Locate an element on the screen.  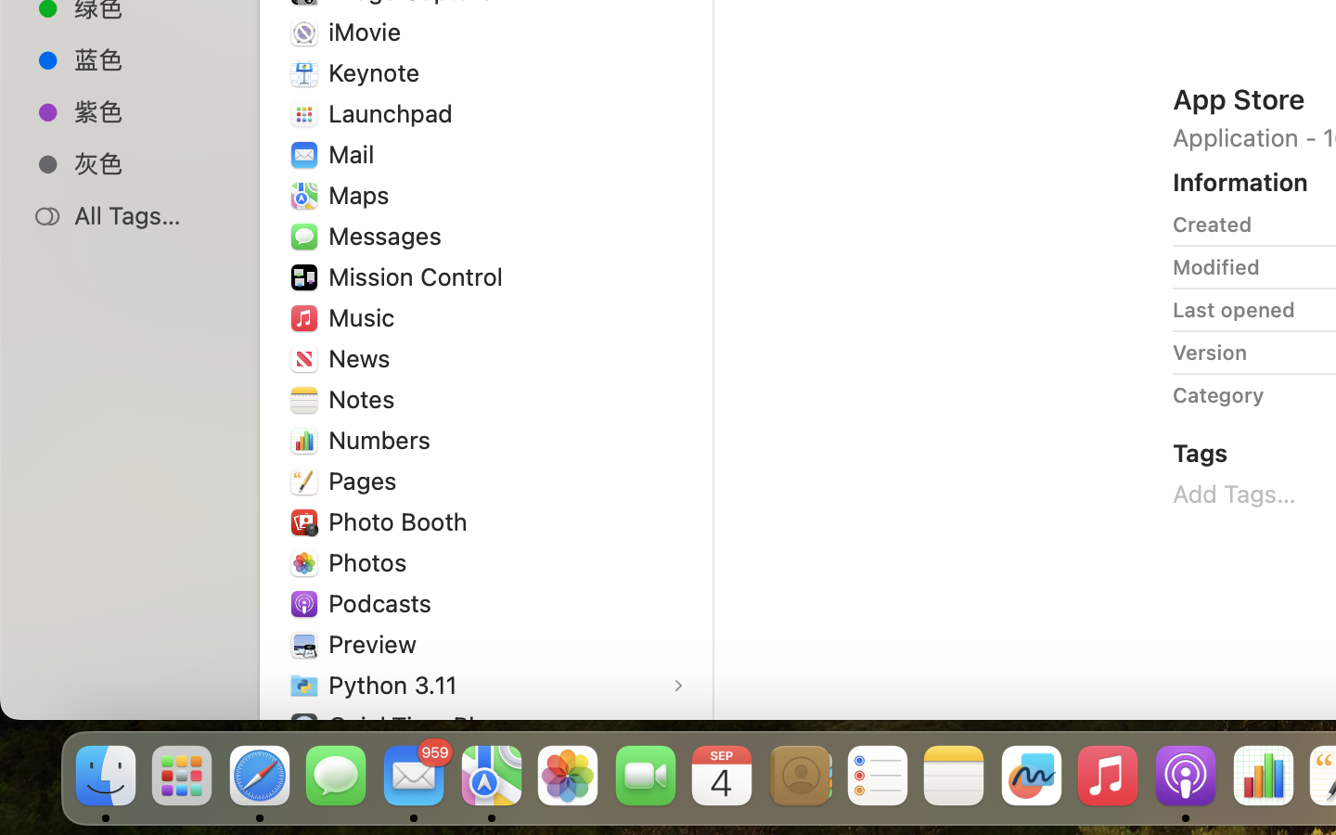
'蓝色' is located at coordinates (148, 58).